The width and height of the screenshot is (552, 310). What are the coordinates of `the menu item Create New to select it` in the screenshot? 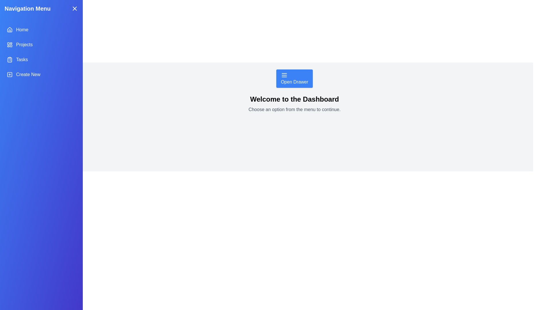 It's located at (41, 74).